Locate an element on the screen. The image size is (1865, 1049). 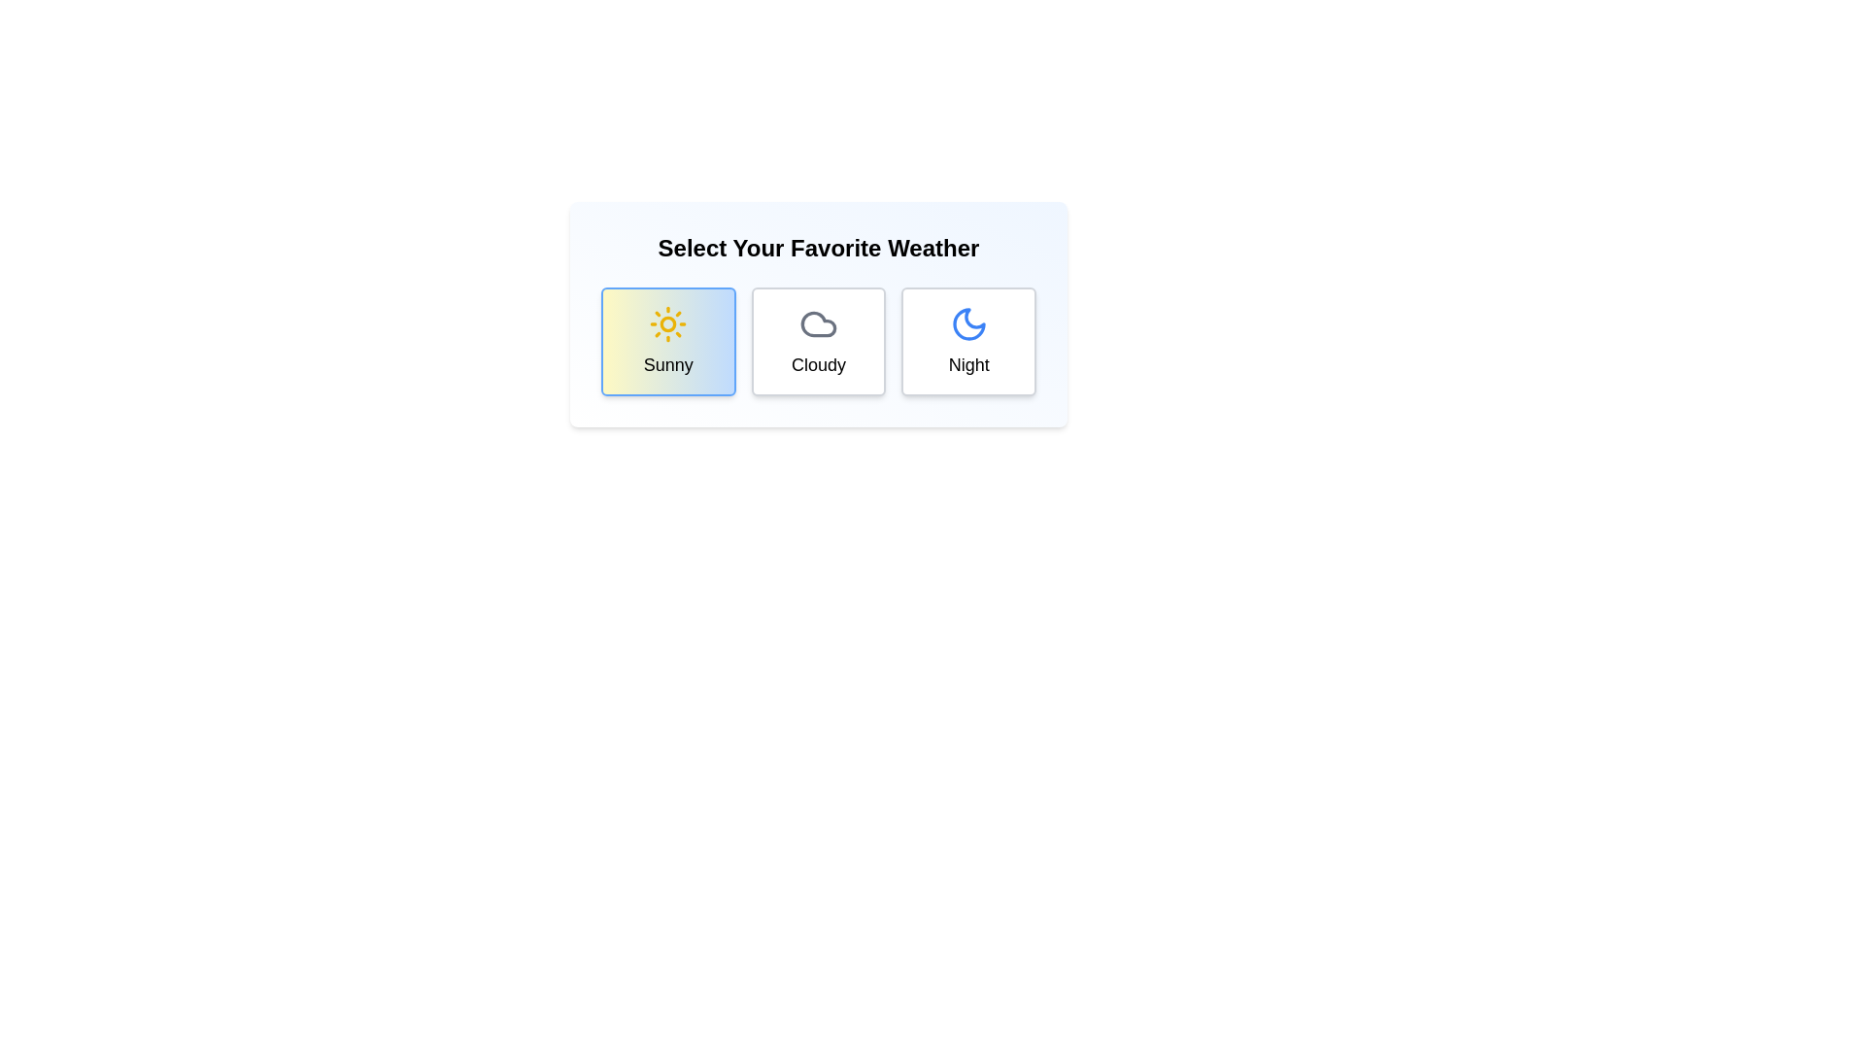
the 'Cloudy' weather icon in the weather selection interface is located at coordinates (819, 323).